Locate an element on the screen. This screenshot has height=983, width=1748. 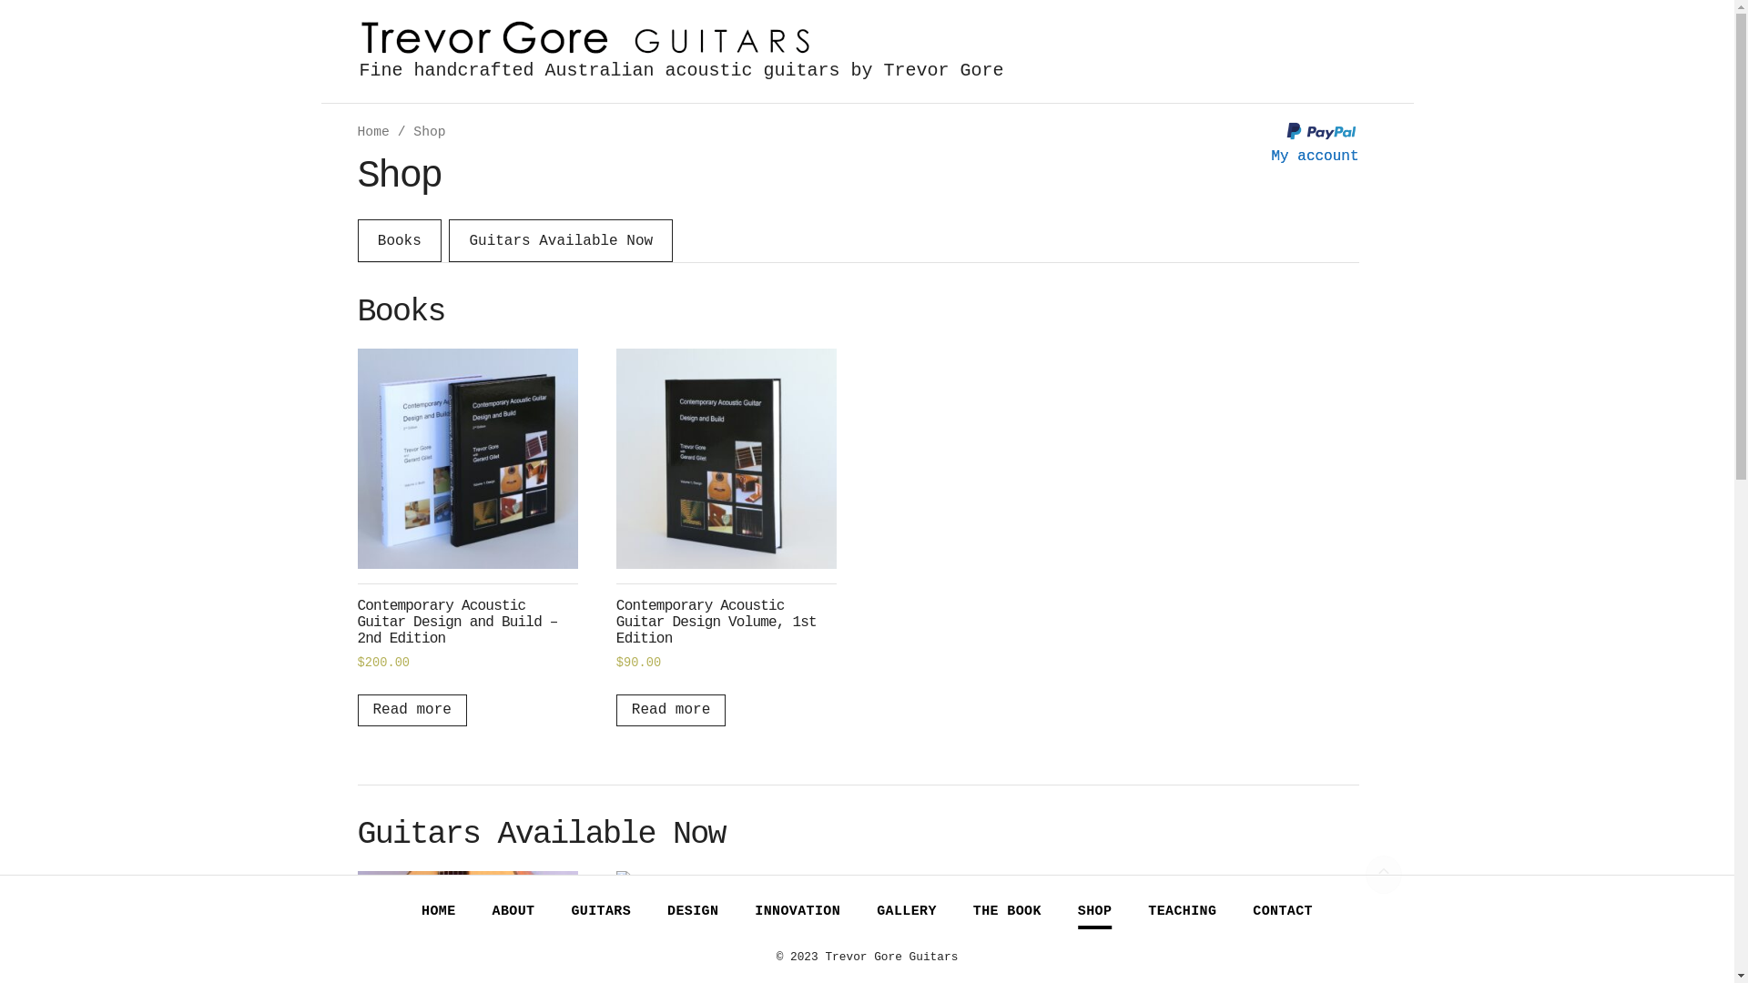
'Books' is located at coordinates (398, 239).